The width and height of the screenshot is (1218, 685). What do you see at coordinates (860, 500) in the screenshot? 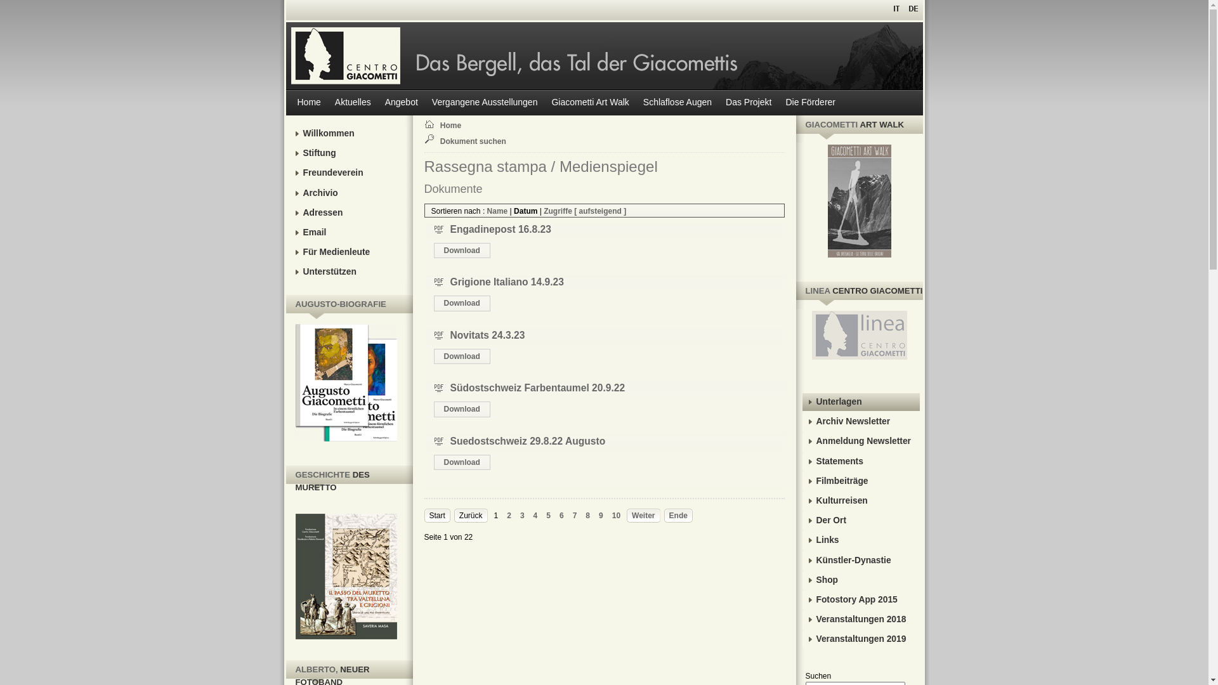
I see `'Kulturreisen'` at bounding box center [860, 500].